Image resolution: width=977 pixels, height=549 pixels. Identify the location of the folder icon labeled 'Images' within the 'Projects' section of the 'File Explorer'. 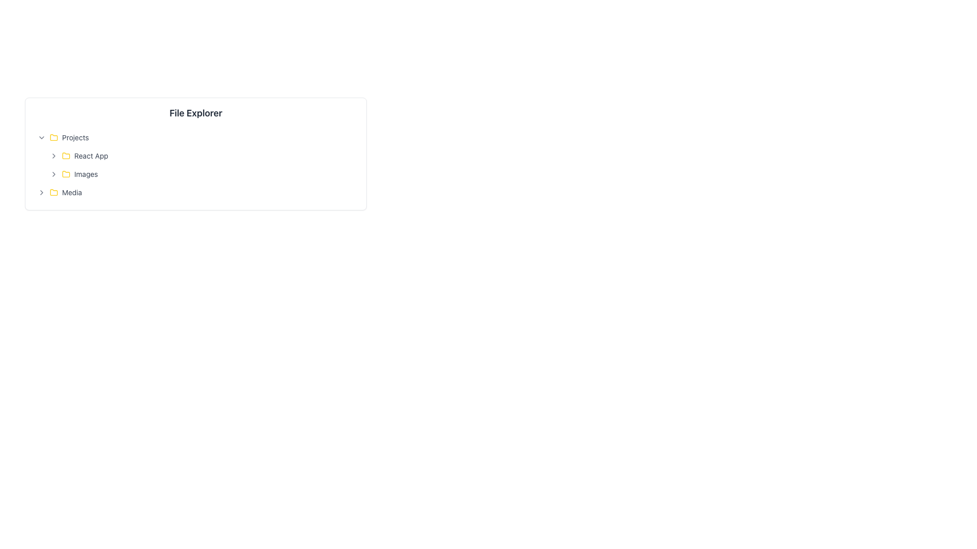
(65, 174).